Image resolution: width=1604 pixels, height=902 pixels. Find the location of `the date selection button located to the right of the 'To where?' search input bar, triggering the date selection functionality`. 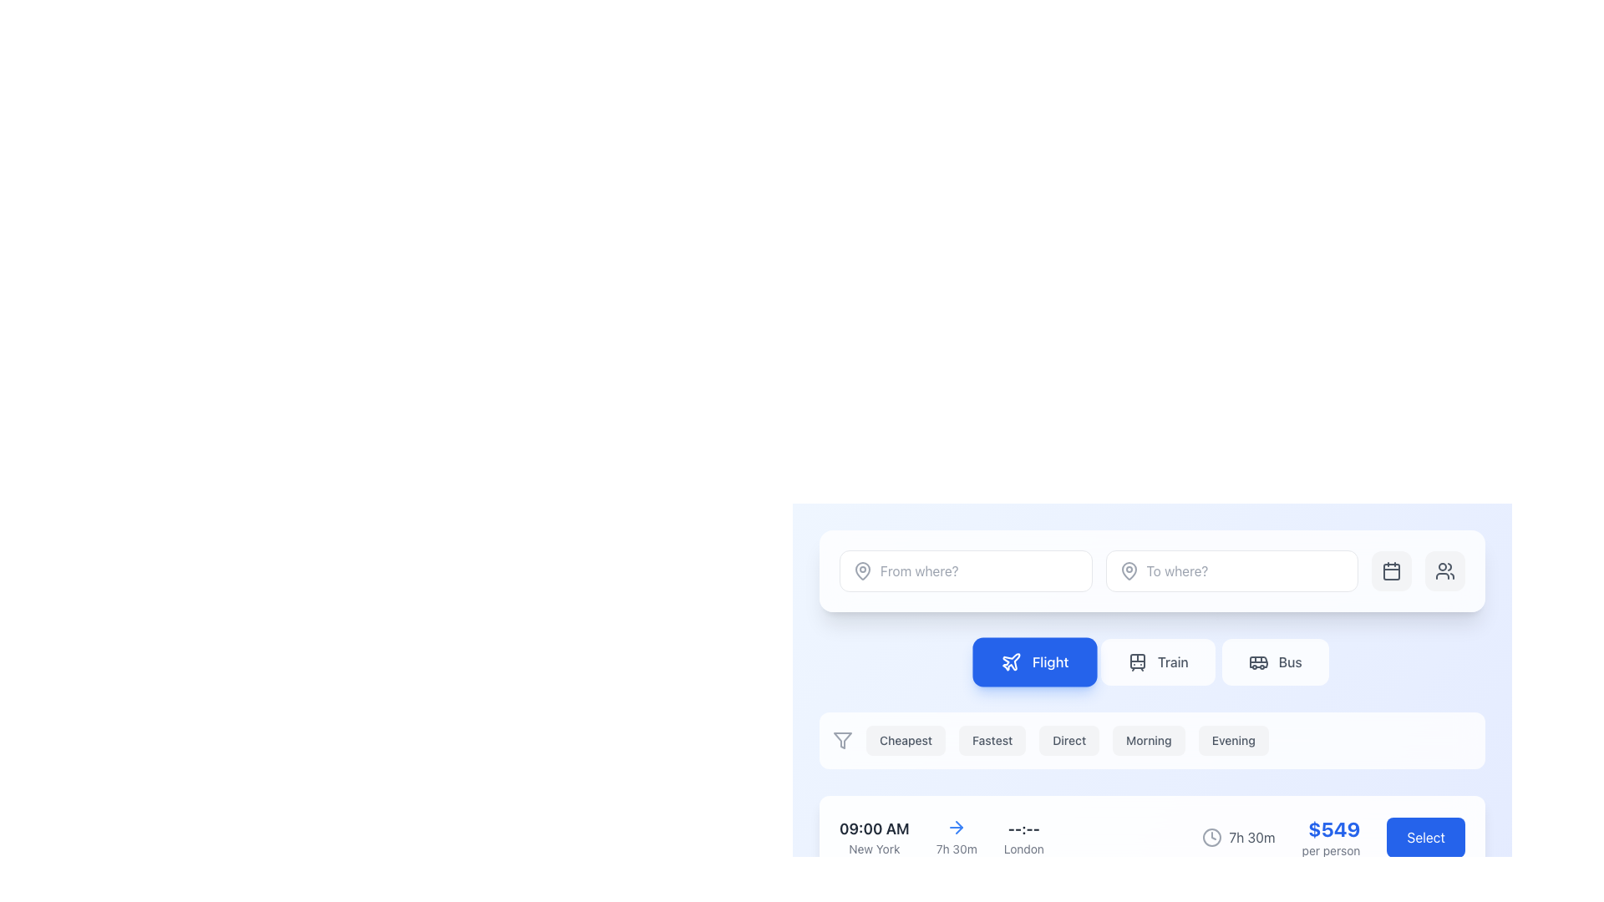

the date selection button located to the right of the 'To where?' search input bar, triggering the date selection functionality is located at coordinates (1391, 570).